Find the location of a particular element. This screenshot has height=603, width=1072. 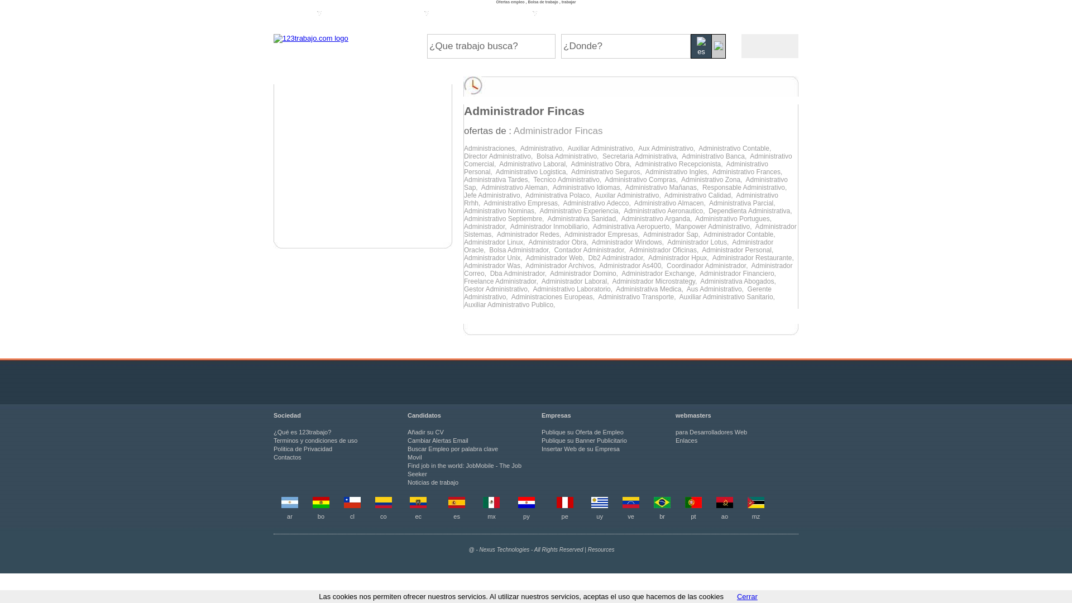

'Administrador Restaurante, ' is located at coordinates (754, 258).